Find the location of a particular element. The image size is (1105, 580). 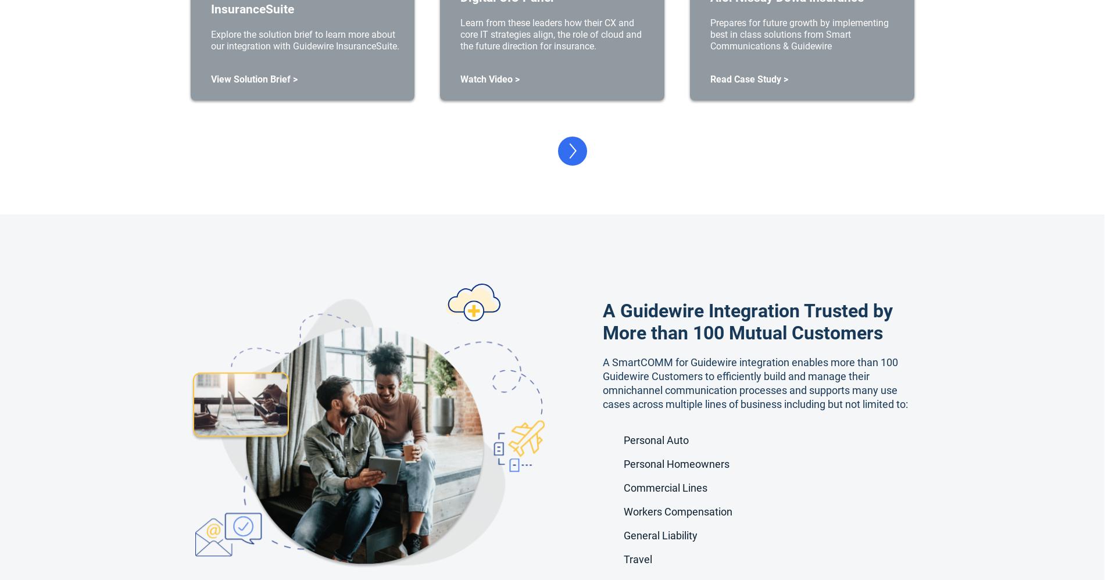

'Learn from these leaders how their CX and core IT strategies align, the role of cloud and the future direction for insurance.' is located at coordinates (551, 33).